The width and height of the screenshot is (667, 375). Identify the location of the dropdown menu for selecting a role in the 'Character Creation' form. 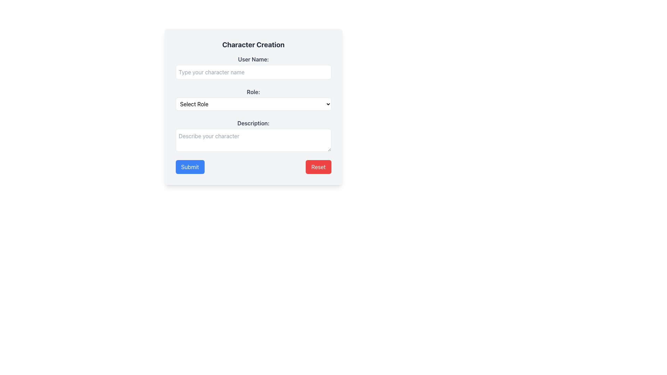
(253, 107).